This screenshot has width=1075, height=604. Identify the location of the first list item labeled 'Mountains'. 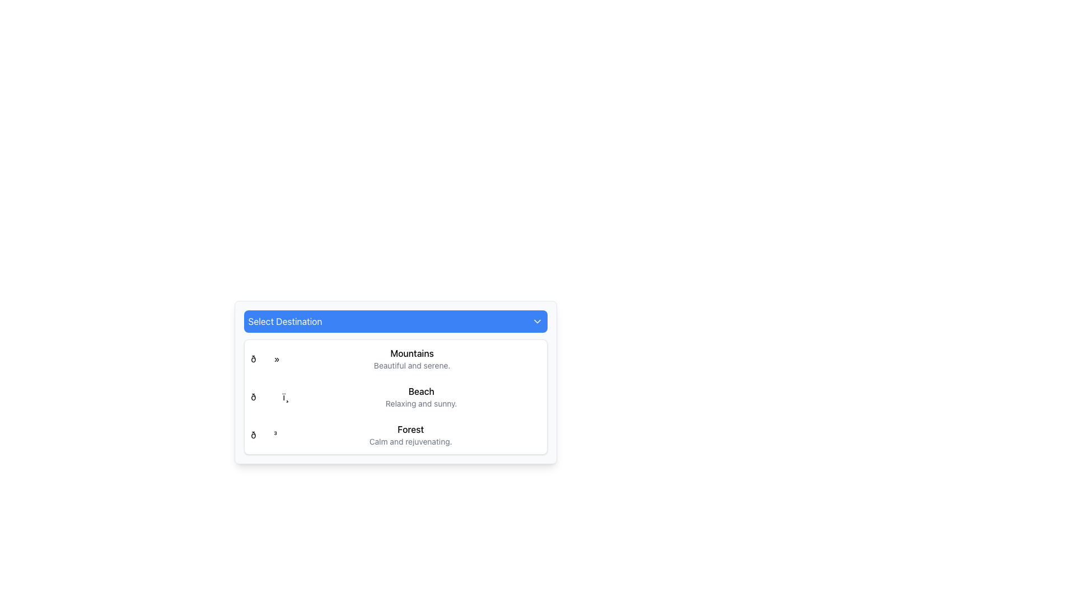
(395, 358).